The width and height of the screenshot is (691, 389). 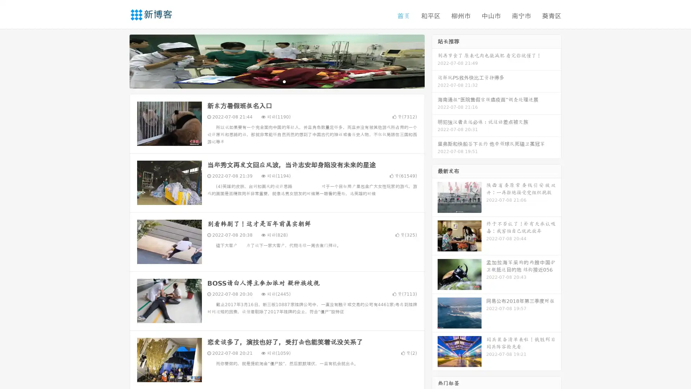 I want to click on Next slide, so click(x=435, y=61).